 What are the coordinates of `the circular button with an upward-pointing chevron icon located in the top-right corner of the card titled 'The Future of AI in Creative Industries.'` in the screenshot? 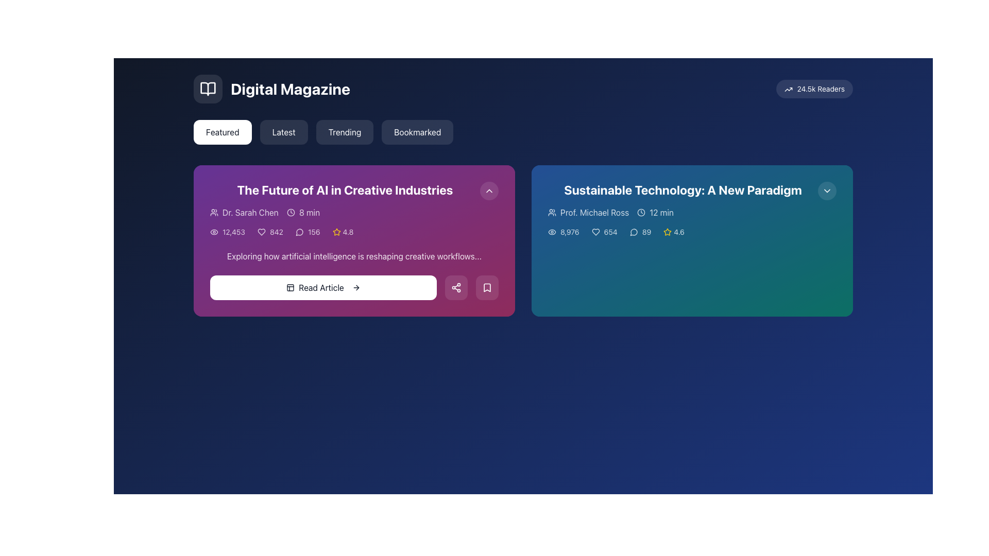 It's located at (489, 190).